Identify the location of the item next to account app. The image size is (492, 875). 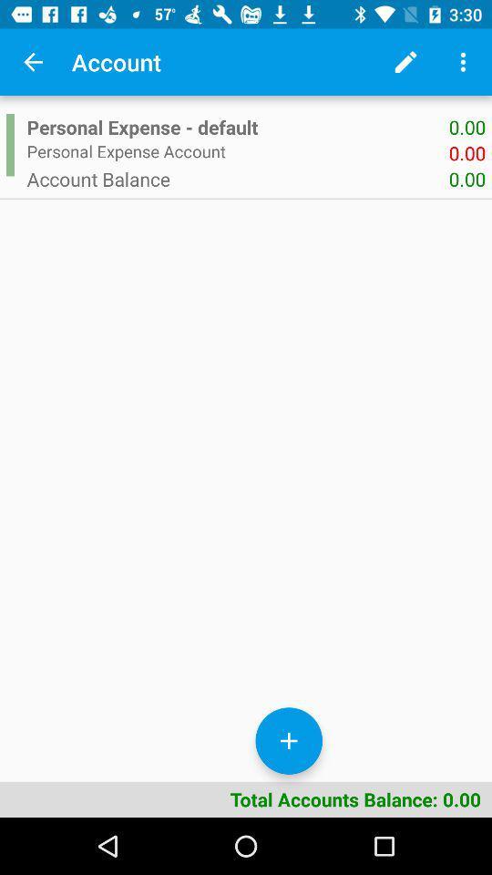
(33, 62).